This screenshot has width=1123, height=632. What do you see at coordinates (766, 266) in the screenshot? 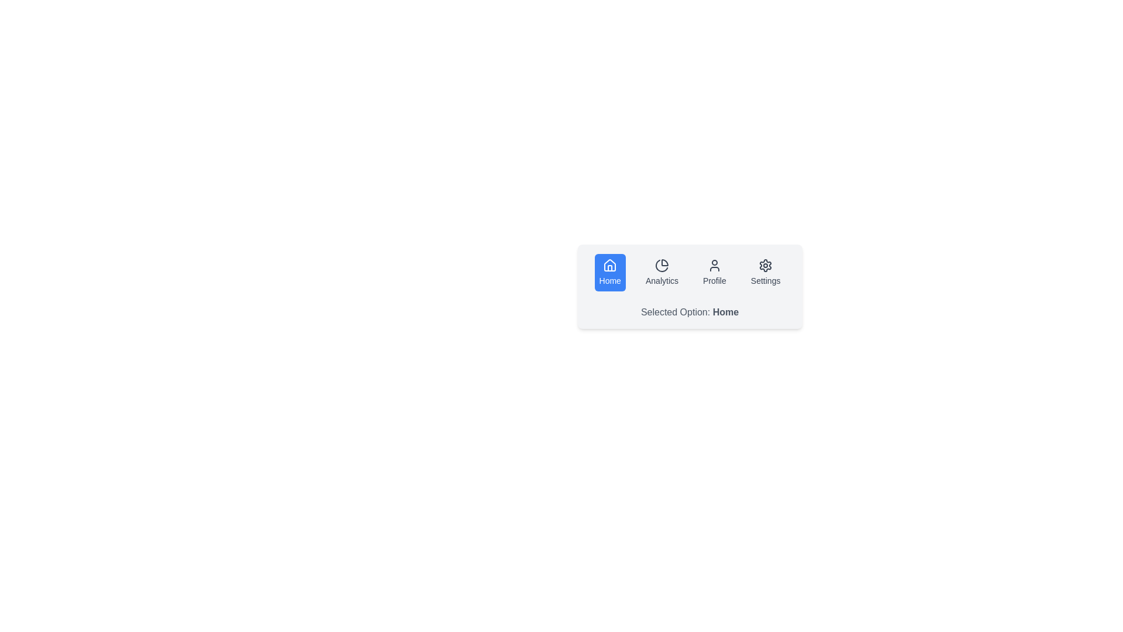
I see `the gear-shaped icon located at the top-right section of the interface` at bounding box center [766, 266].